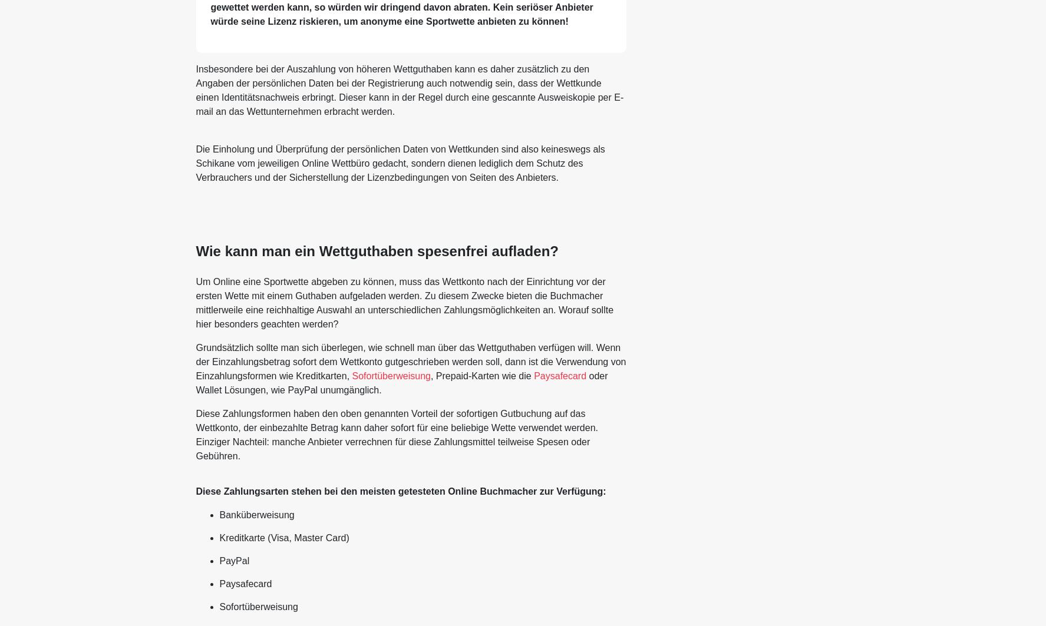 The image size is (1046, 626). Describe the element at coordinates (400, 490) in the screenshot. I see `'Diese Zahlungsarten stehen bei den meisten getesteten Online Buchmacher zur Verfügung:'` at that location.